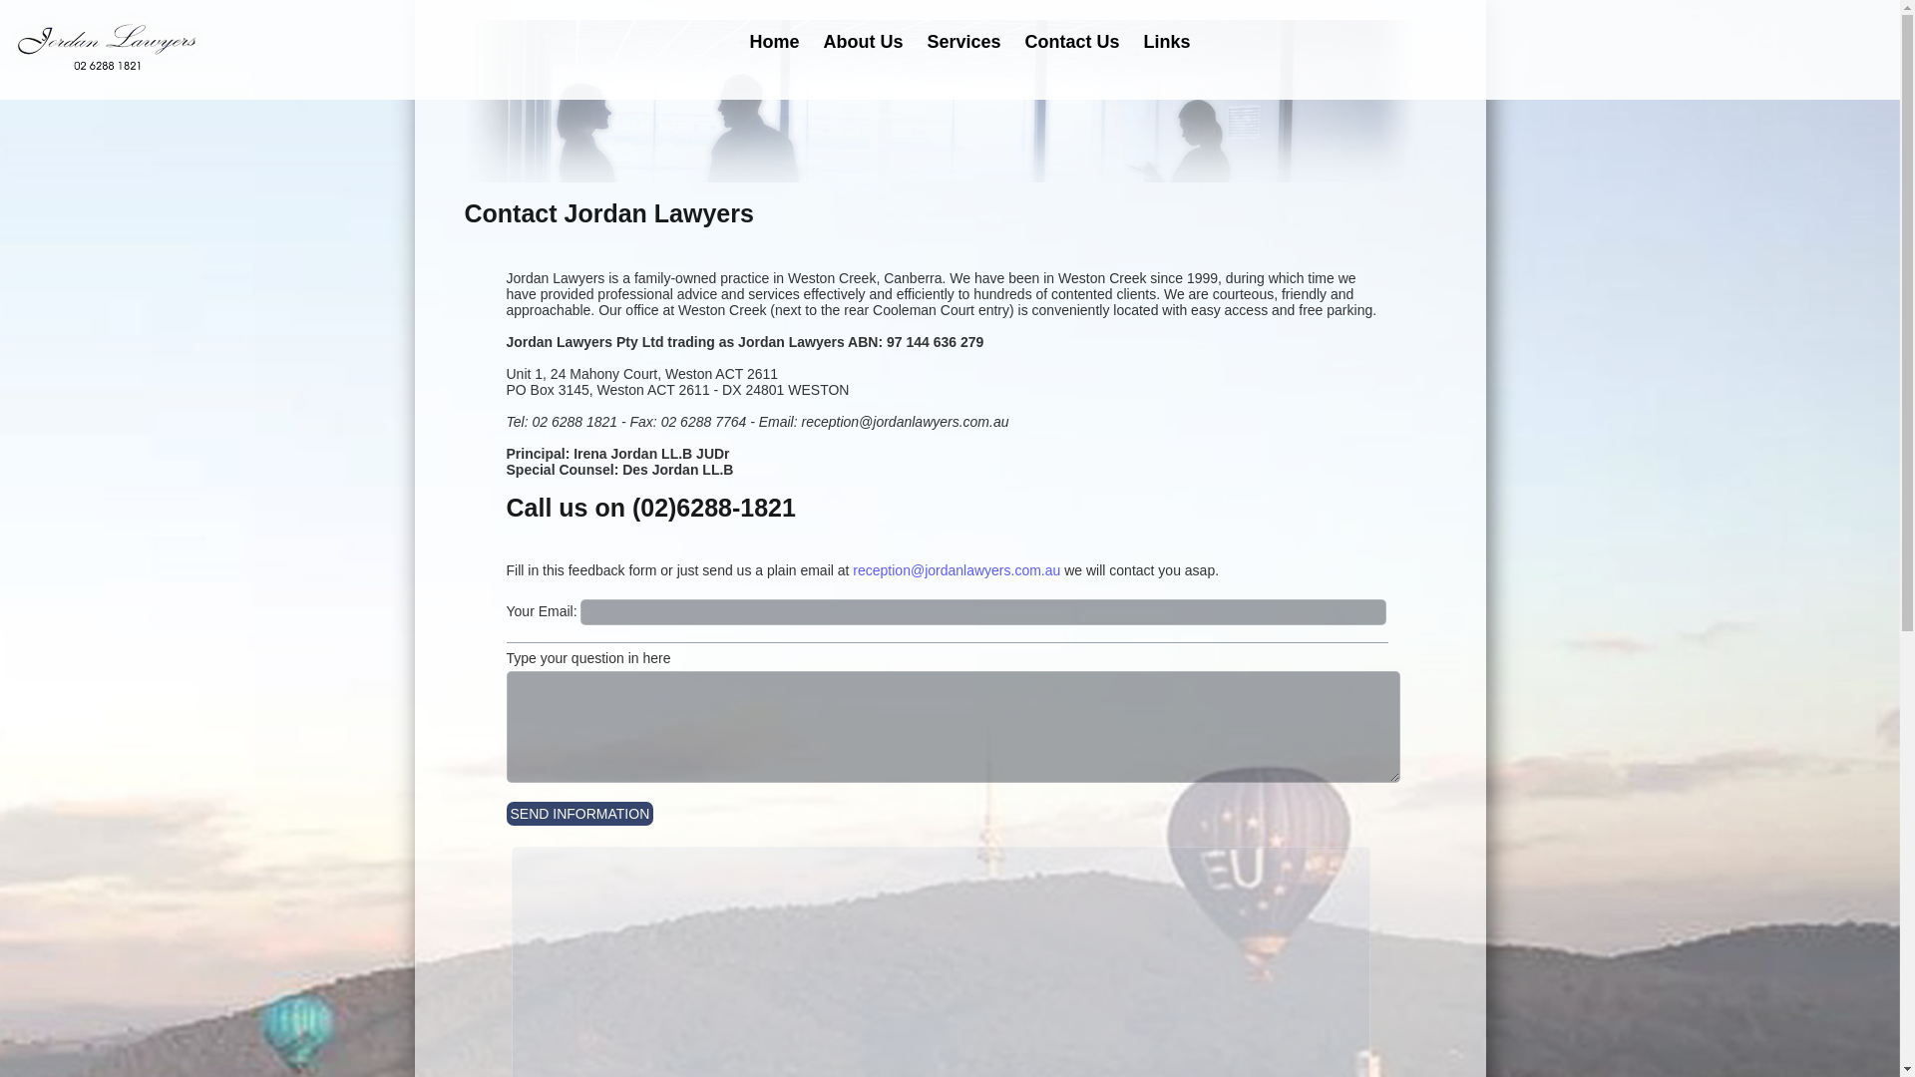 This screenshot has width=1915, height=1077. I want to click on 'Links', so click(1167, 42).